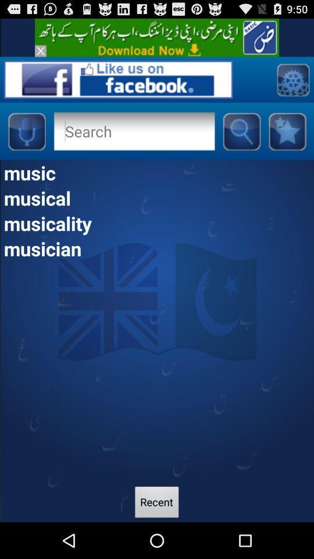 Image resolution: width=314 pixels, height=559 pixels. I want to click on facebook page link, so click(117, 79).